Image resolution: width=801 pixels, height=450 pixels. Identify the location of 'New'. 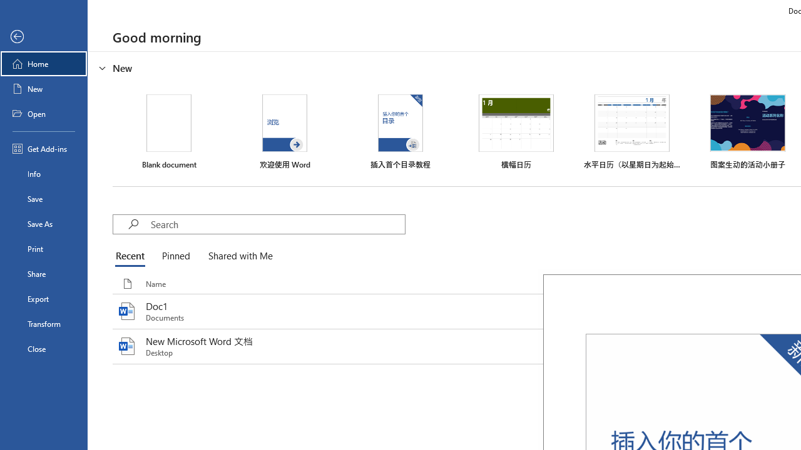
(43, 87).